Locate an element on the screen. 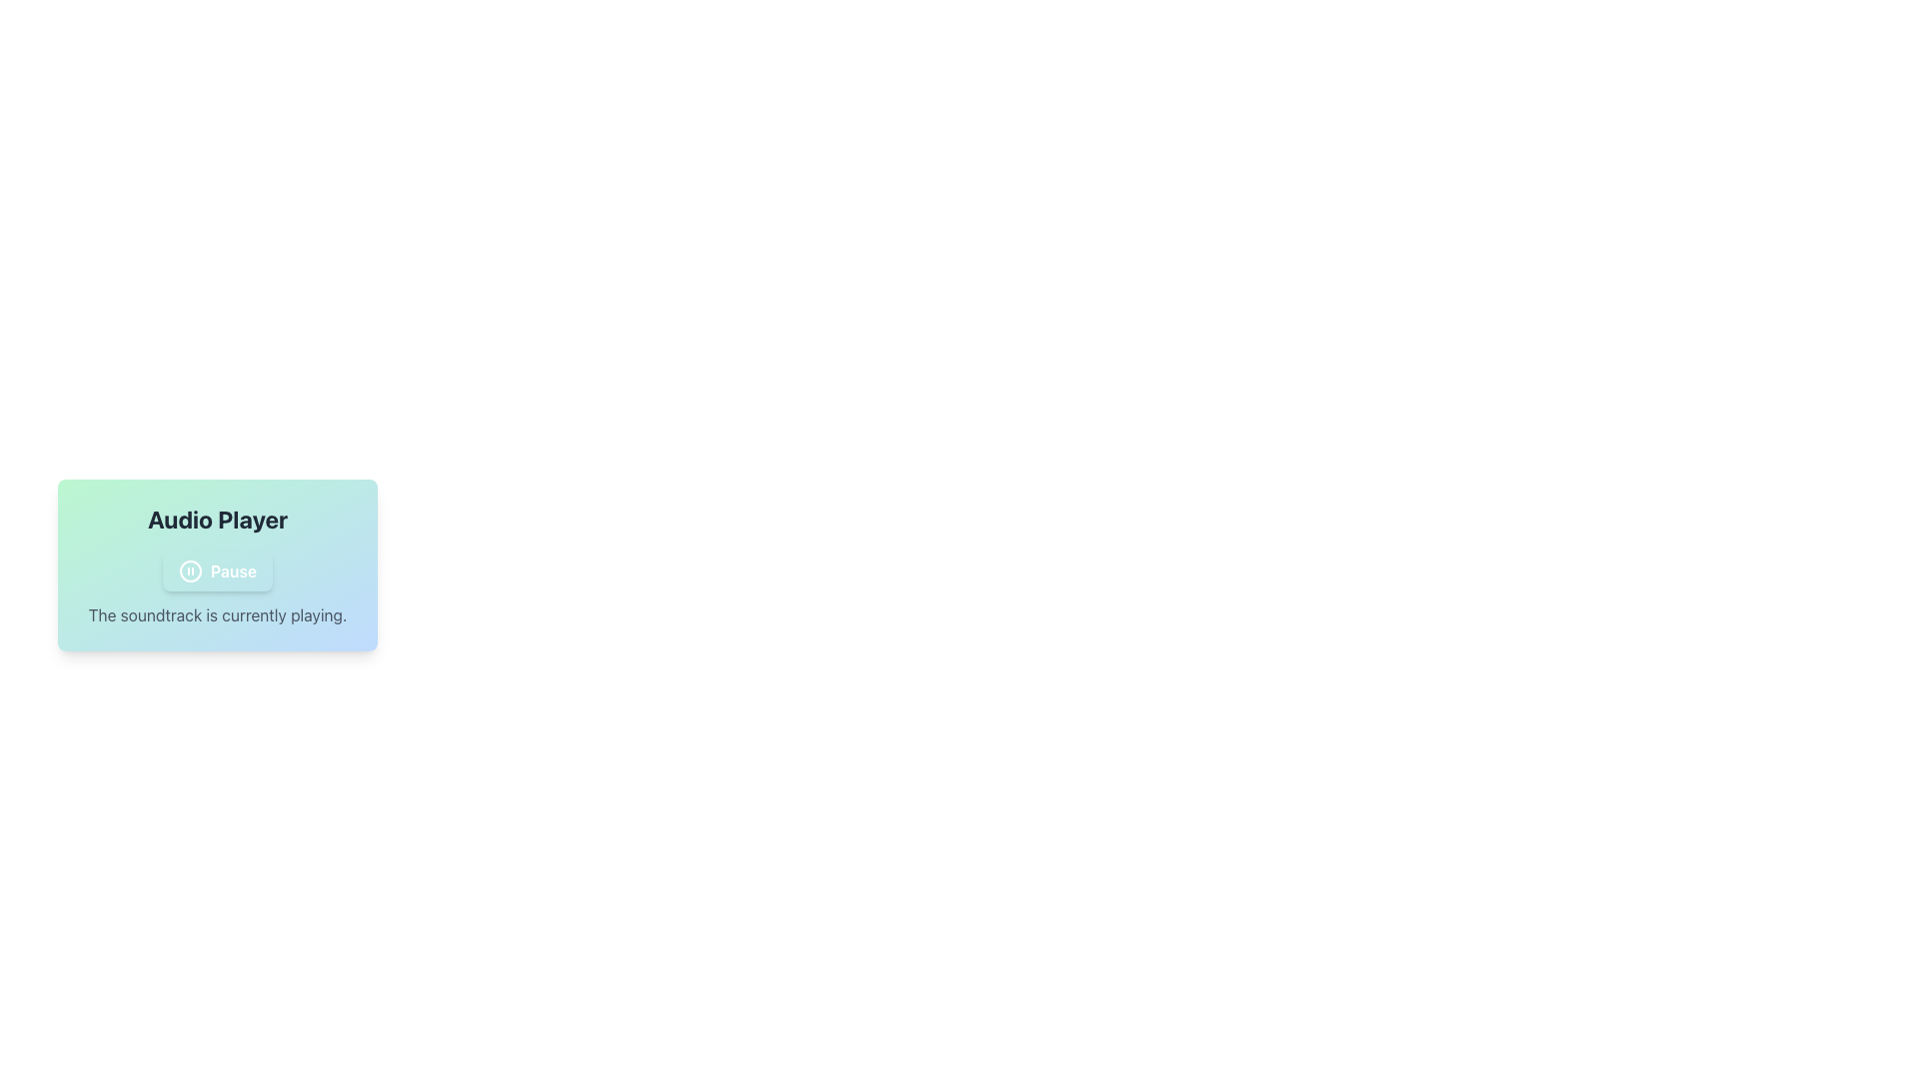 Image resolution: width=1919 pixels, height=1079 pixels. the status indicator text label for the audio player located beneath the 'Pause' button and the heading 'Audio Player' is located at coordinates (217, 614).